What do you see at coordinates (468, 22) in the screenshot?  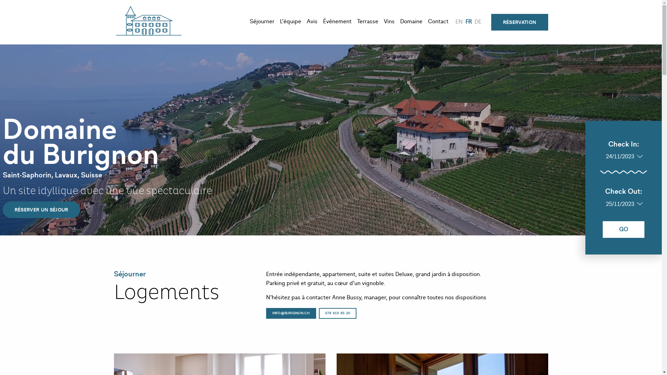 I see `'FR'` at bounding box center [468, 22].